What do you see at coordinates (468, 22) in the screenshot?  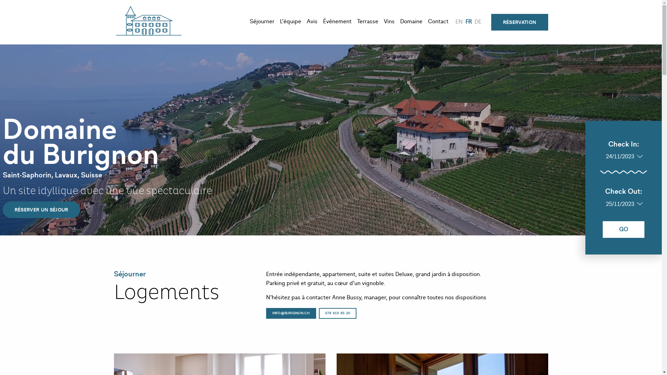 I see `'FR'` at bounding box center [468, 22].